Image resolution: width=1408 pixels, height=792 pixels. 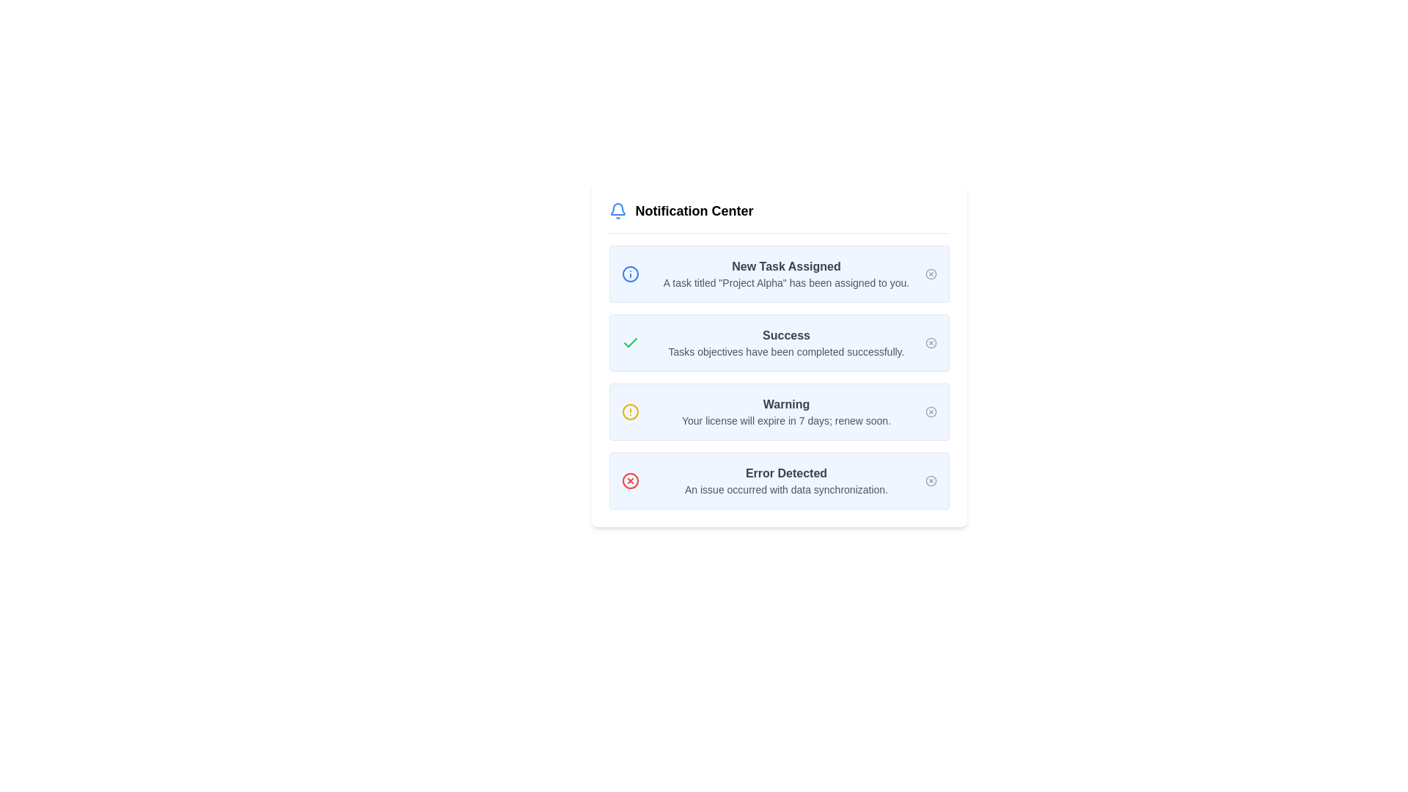 What do you see at coordinates (930, 412) in the screenshot?
I see `the circular element with a stroke and no fill, located within the 'Warning' notification icon in the 'Notification Center' interface` at bounding box center [930, 412].